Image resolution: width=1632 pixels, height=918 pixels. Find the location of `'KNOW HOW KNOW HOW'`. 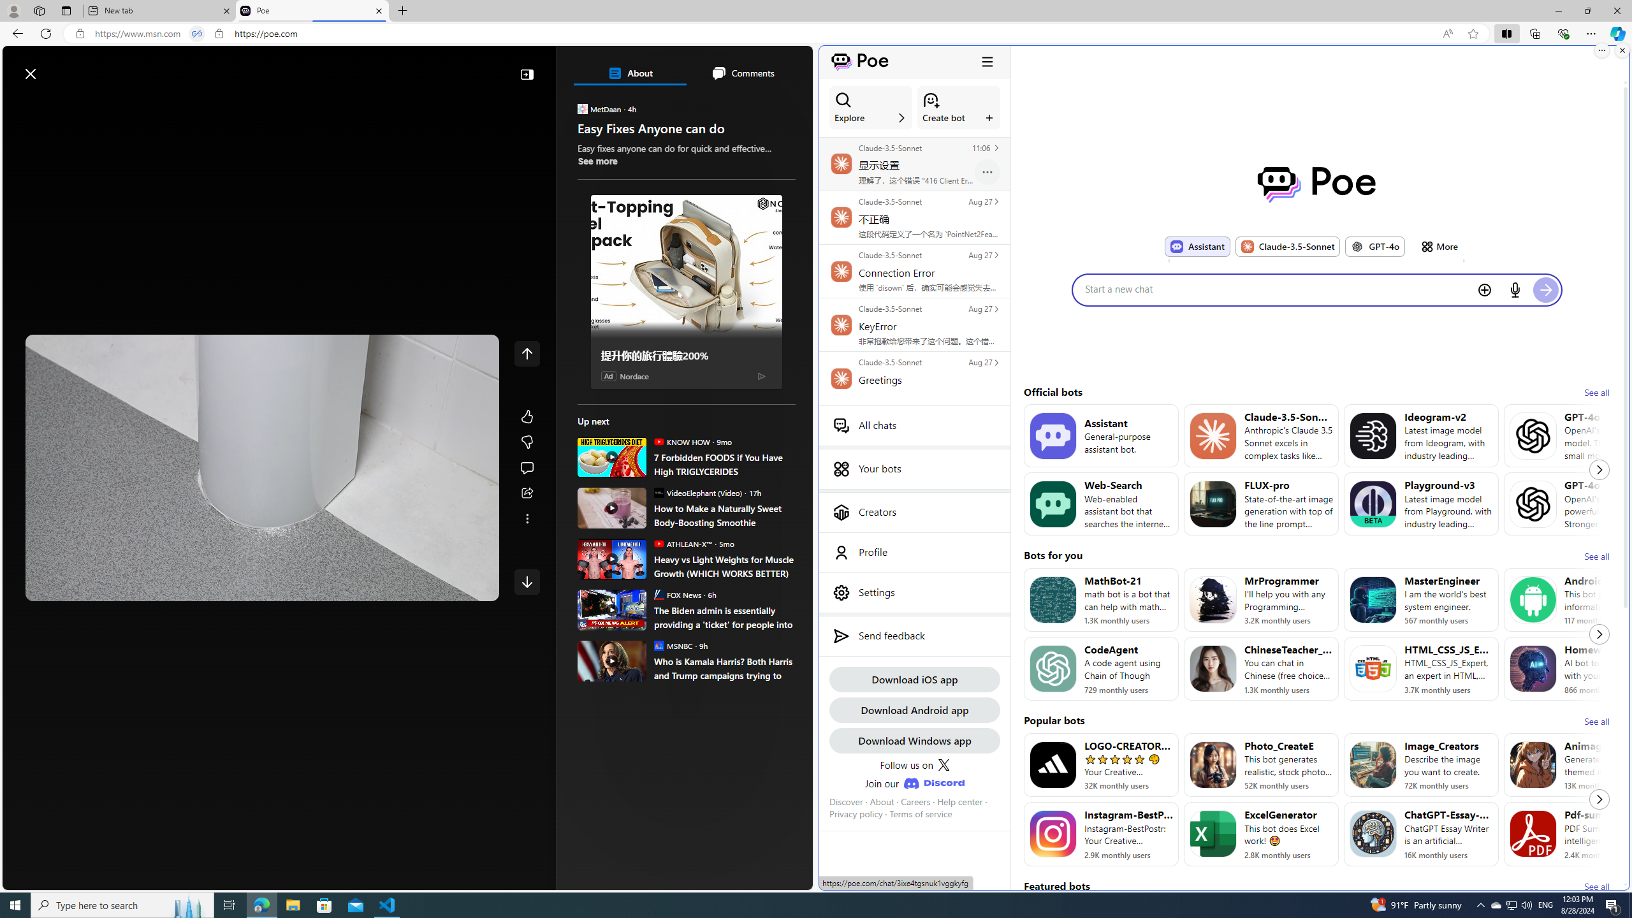

'KNOW HOW KNOW HOW' is located at coordinates (681, 441).